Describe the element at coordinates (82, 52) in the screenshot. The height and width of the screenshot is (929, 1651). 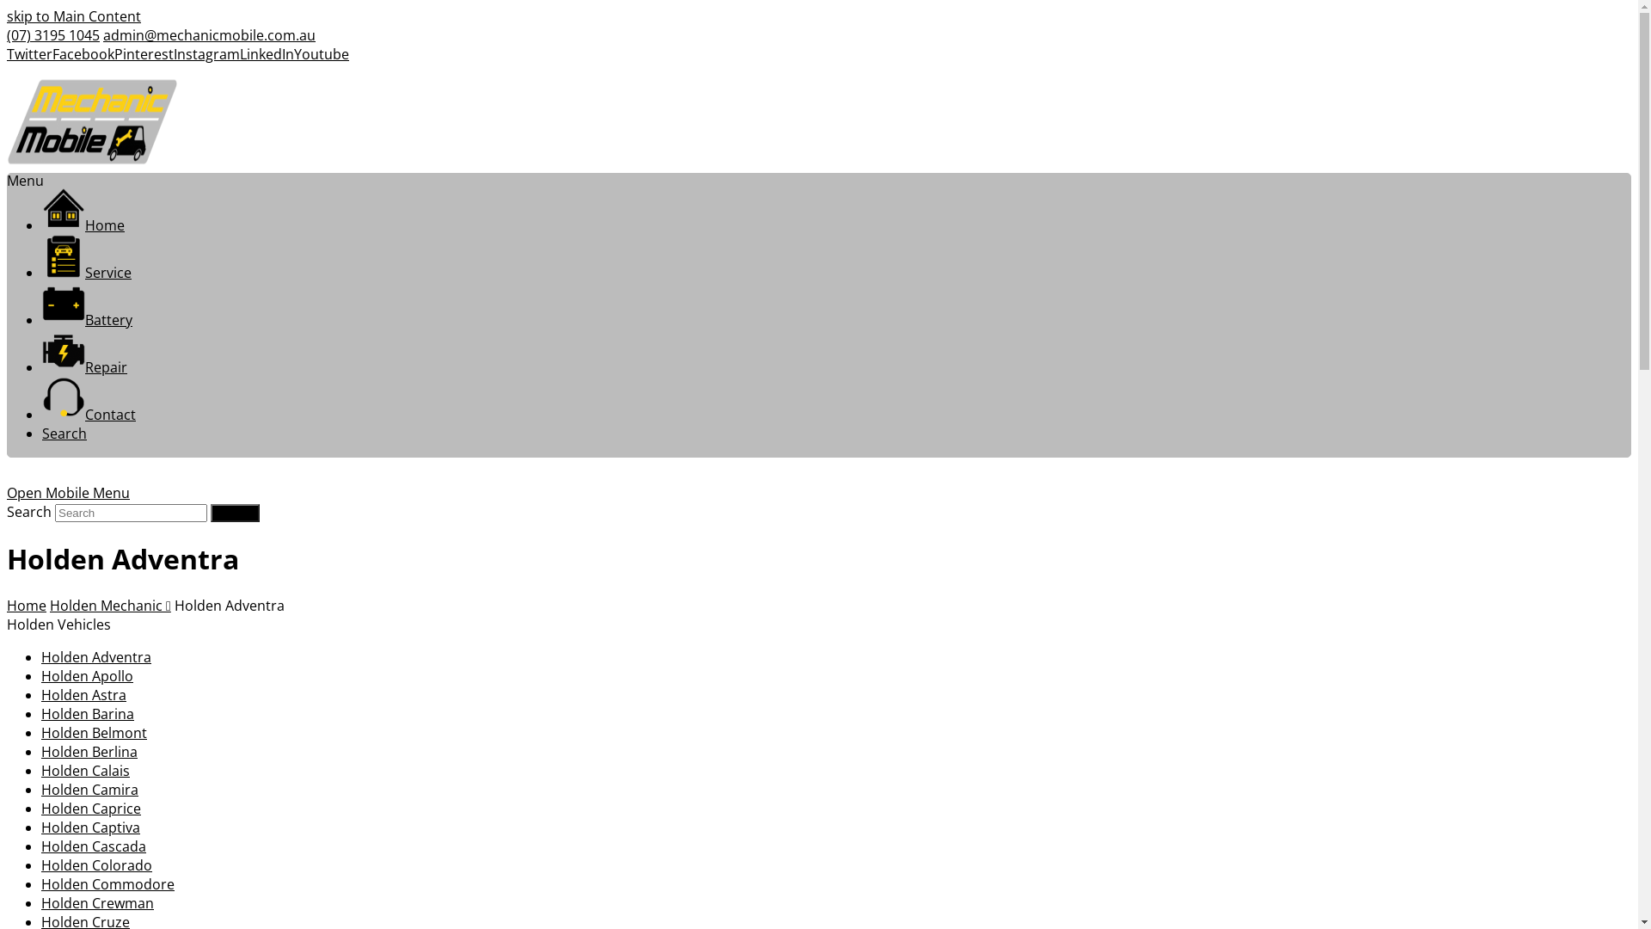
I see `'Facebook'` at that location.